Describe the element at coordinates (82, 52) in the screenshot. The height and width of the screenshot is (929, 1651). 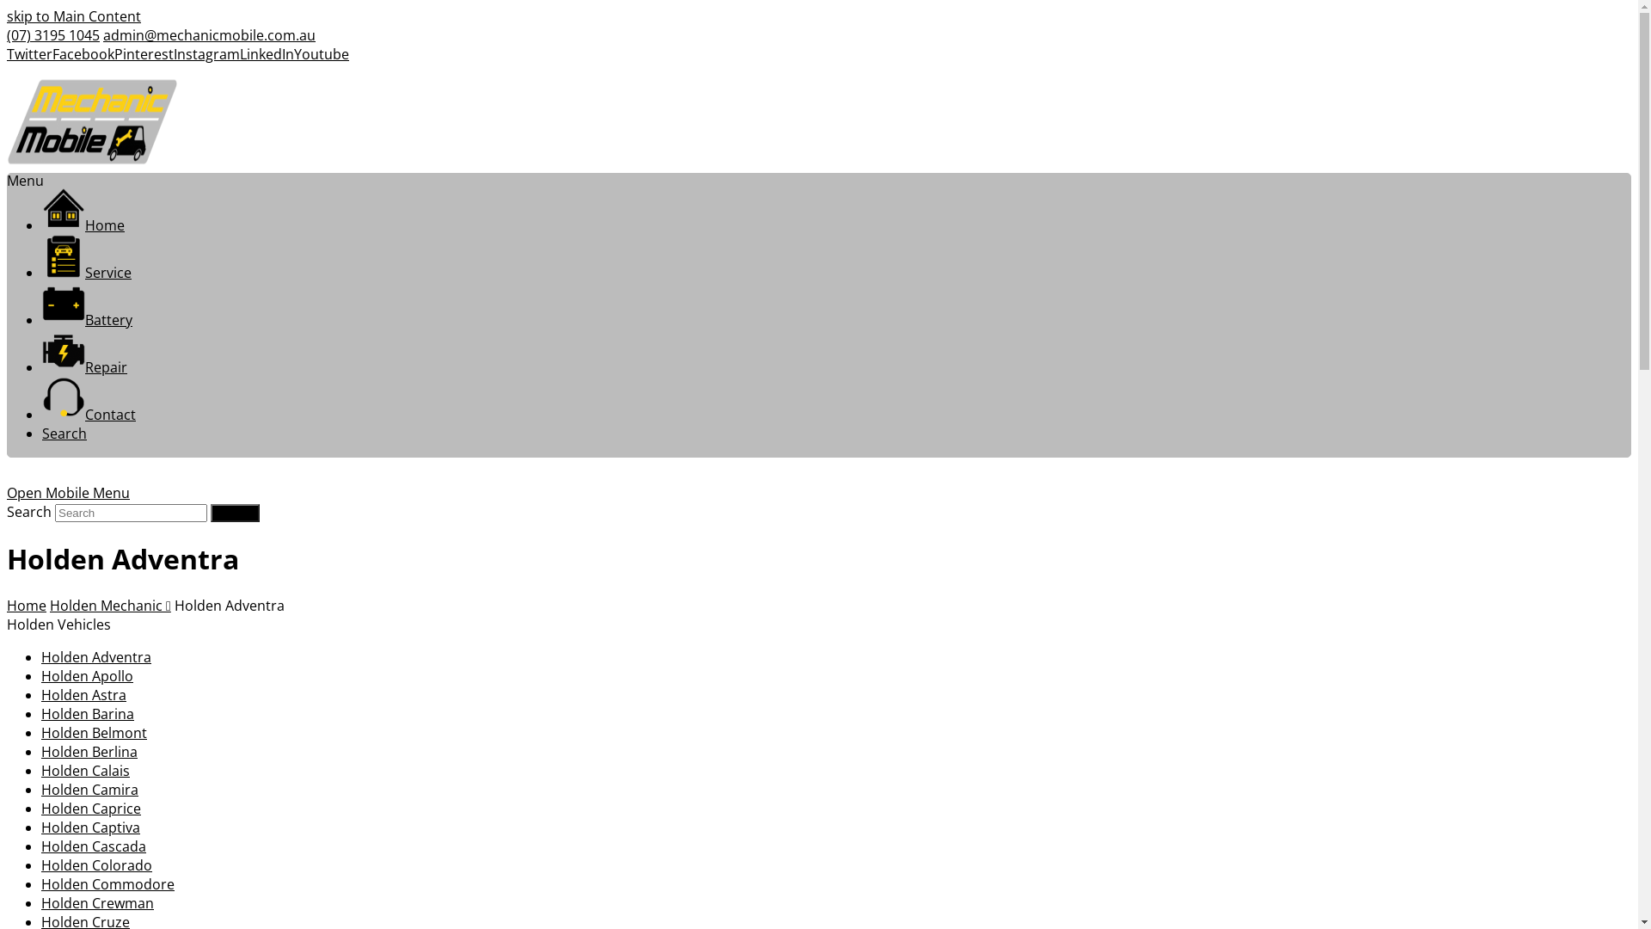
I see `'Facebook'` at that location.